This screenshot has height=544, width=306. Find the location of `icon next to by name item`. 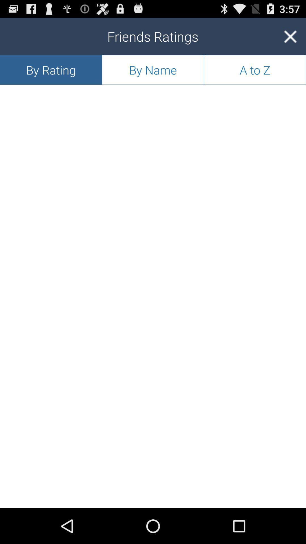

icon next to by name item is located at coordinates (51, 69).